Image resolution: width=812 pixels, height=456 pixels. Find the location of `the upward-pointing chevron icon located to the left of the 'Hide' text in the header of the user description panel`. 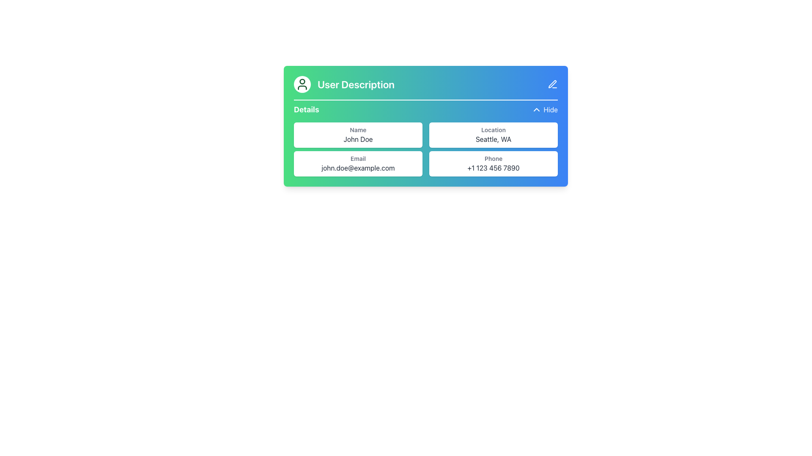

the upward-pointing chevron icon located to the left of the 'Hide' text in the header of the user description panel is located at coordinates (536, 109).